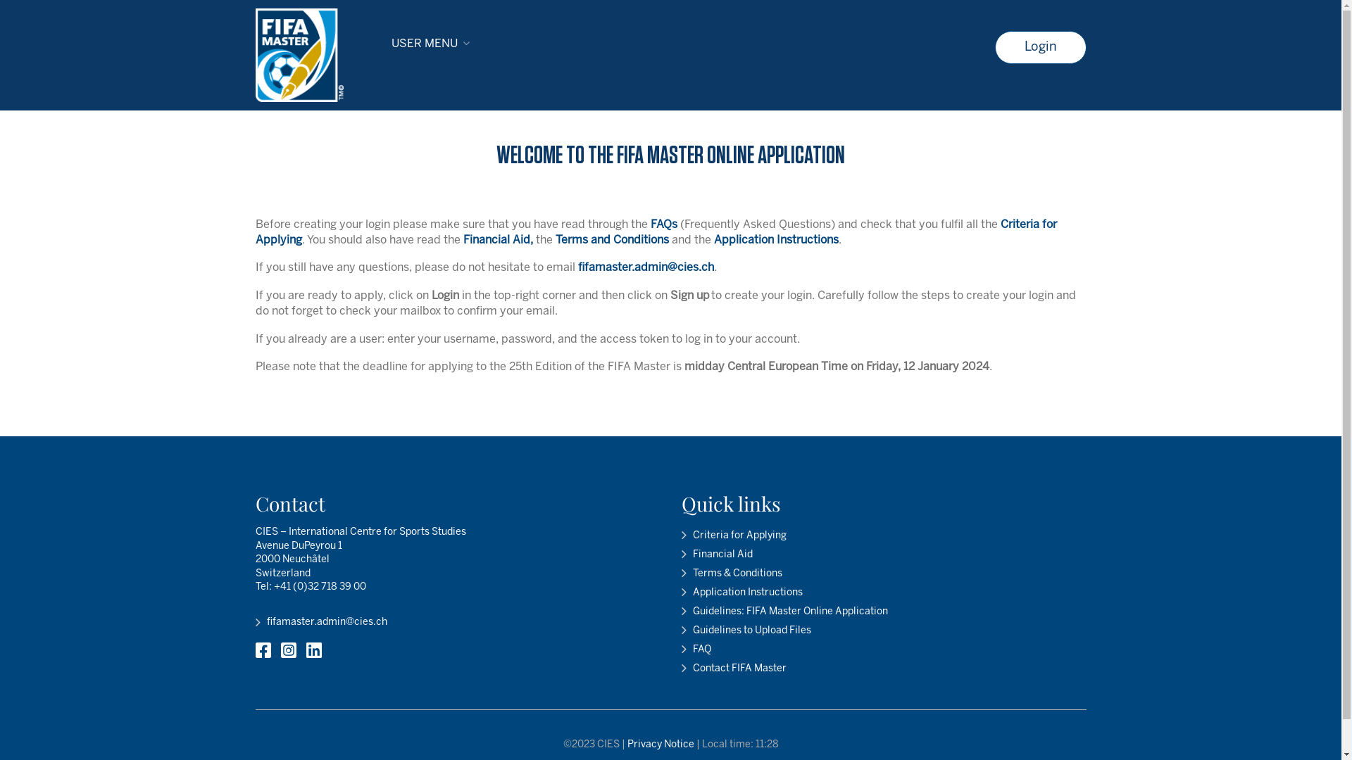 This screenshot has height=760, width=1352. What do you see at coordinates (613, 239) in the screenshot?
I see `'Terms and Conditions'` at bounding box center [613, 239].